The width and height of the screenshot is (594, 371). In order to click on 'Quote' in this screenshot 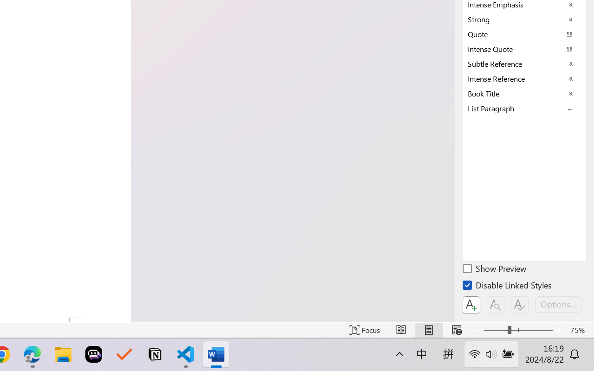, I will do `click(524, 34)`.